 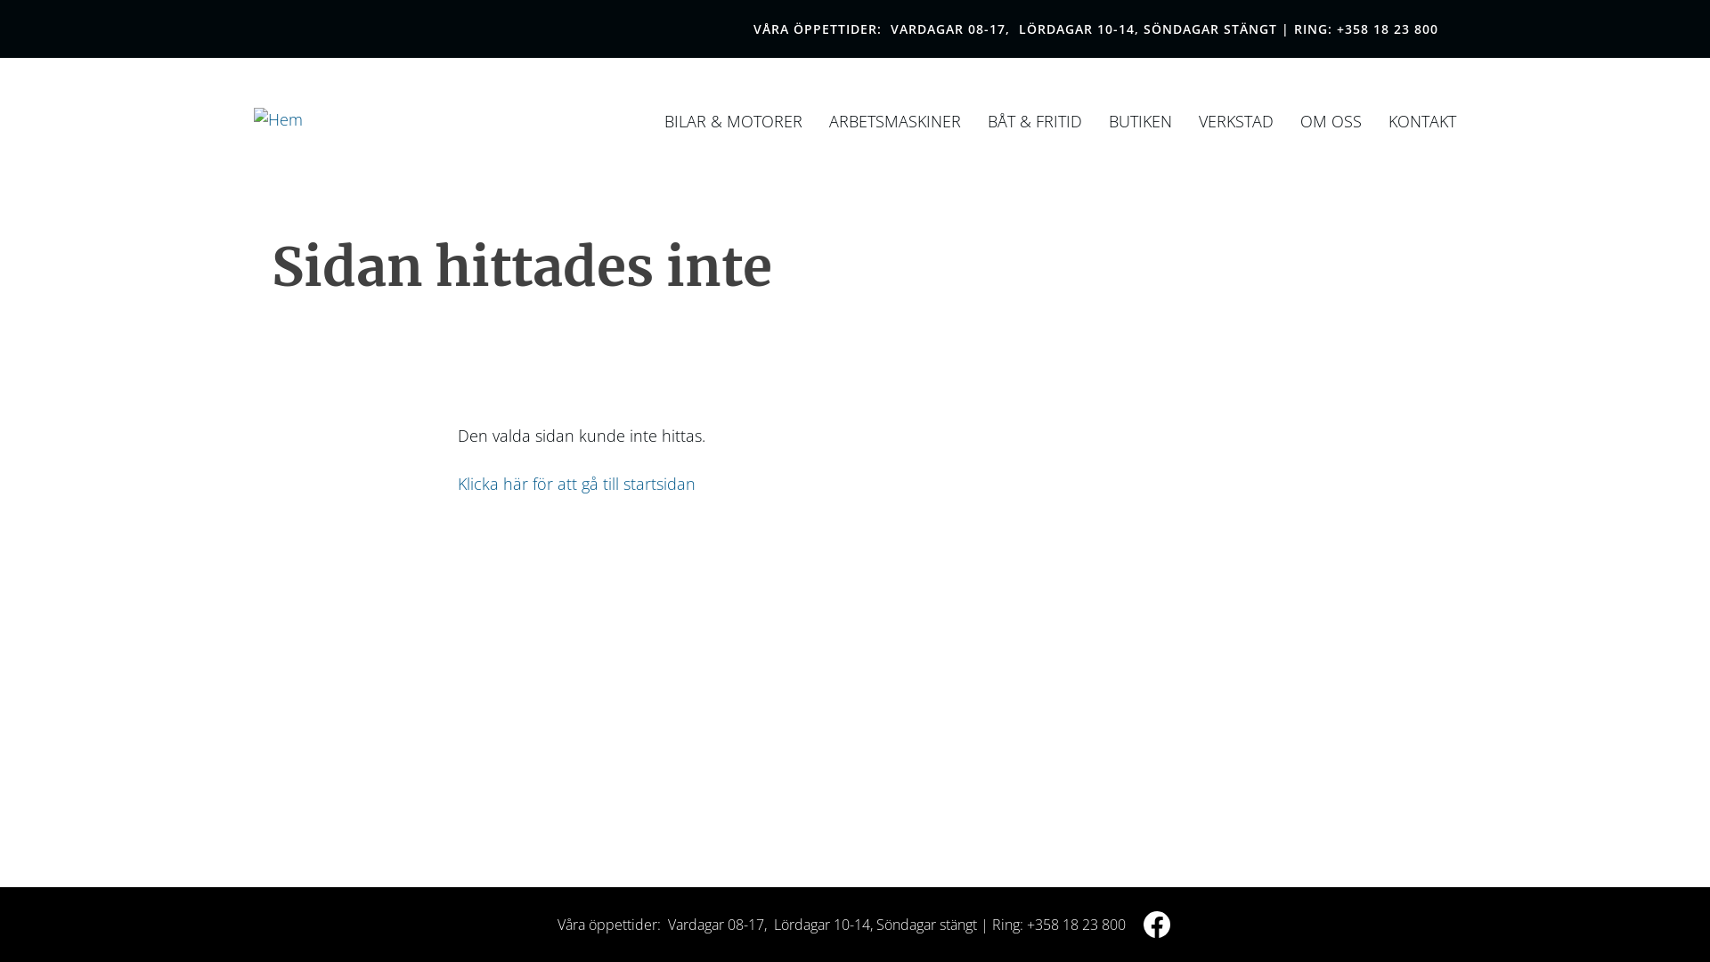 I want to click on 'BILAR & MOTORER', so click(x=733, y=120).